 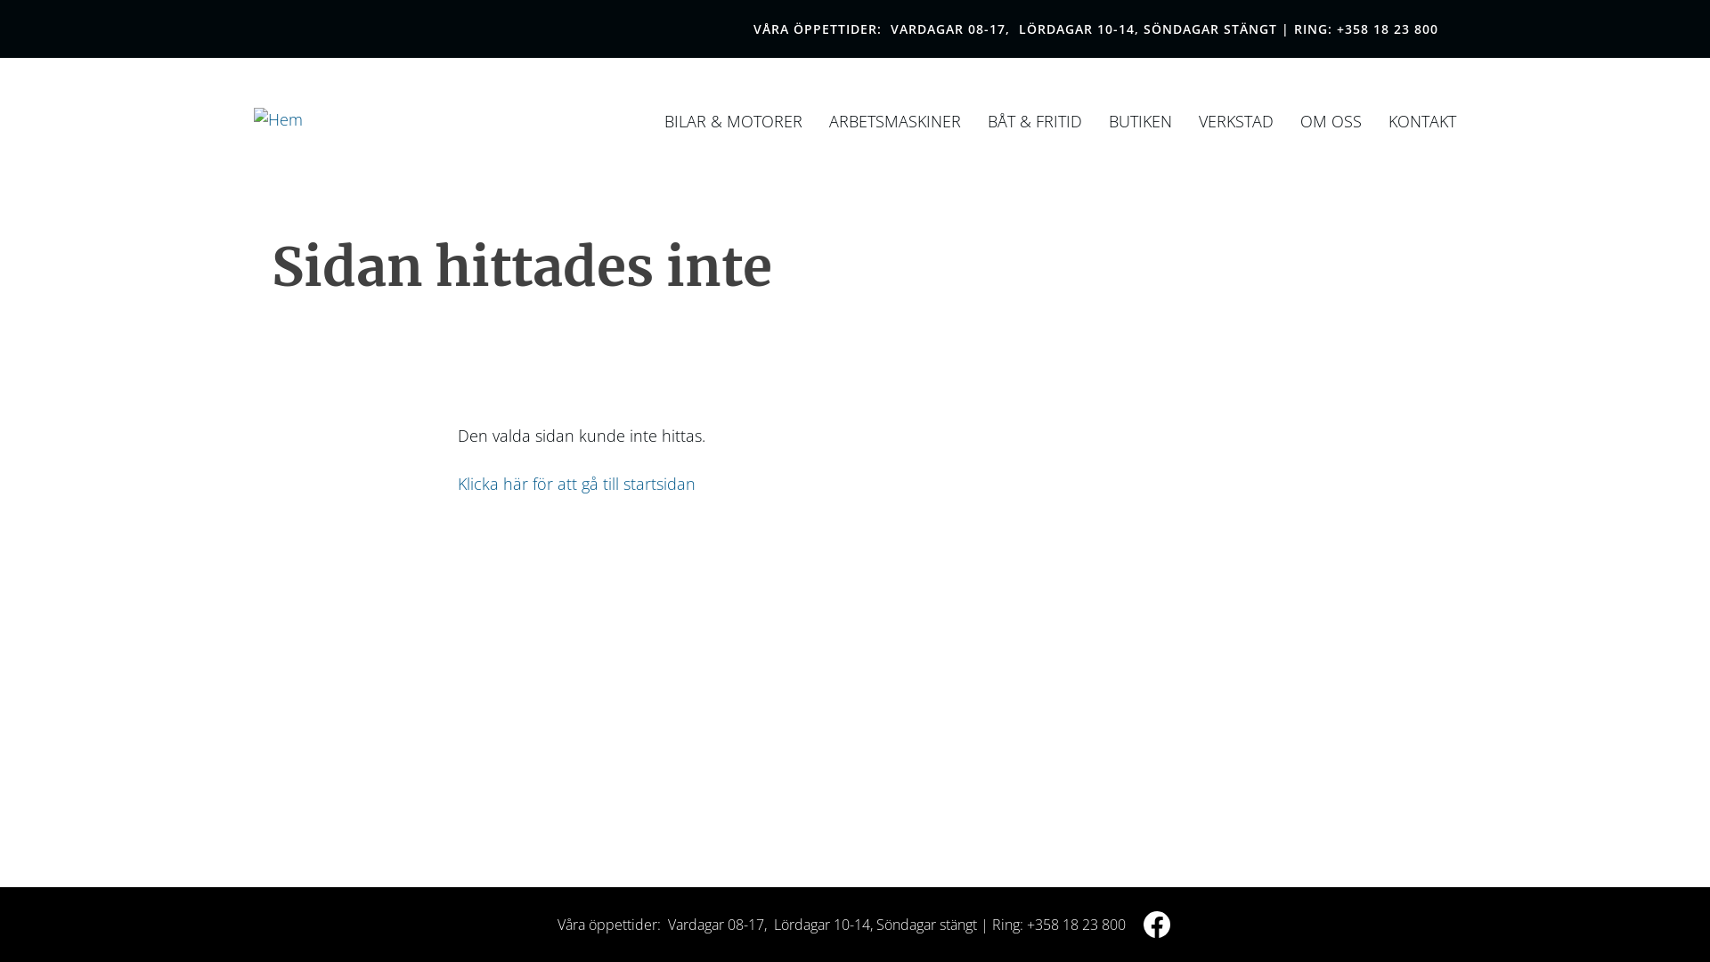 I want to click on 'BILAR & MOTORER', so click(x=733, y=120).